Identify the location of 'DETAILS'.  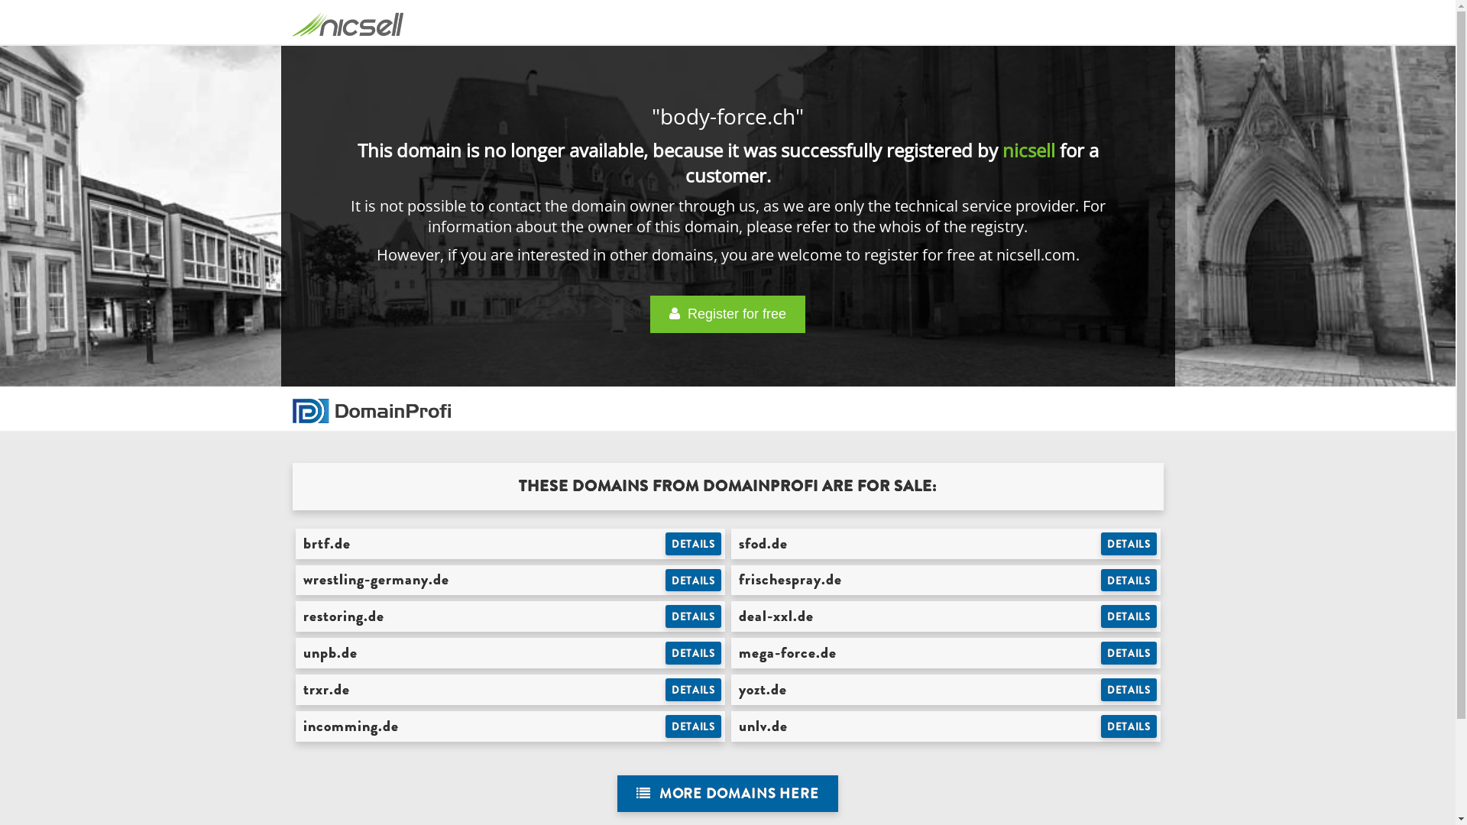
(692, 689).